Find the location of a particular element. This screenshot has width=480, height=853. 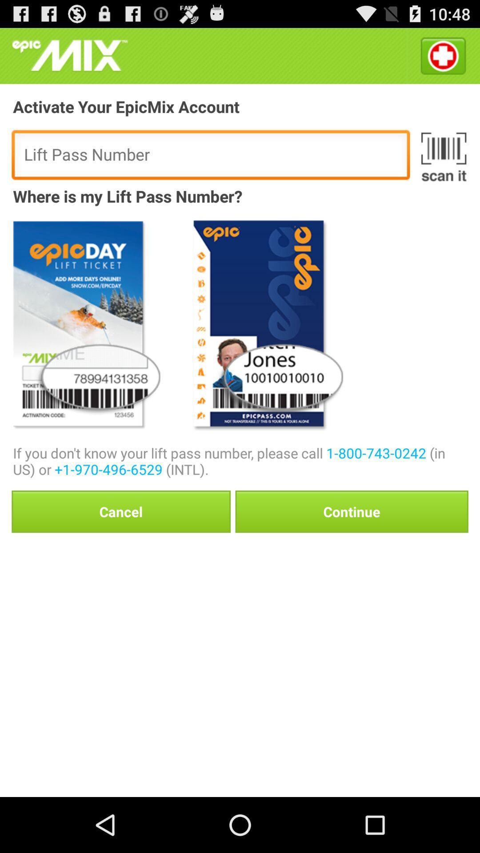

the icon next to the continue item is located at coordinates (121, 511).